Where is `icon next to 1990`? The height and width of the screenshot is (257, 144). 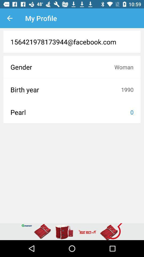
icon next to 1990 is located at coordinates (66, 89).